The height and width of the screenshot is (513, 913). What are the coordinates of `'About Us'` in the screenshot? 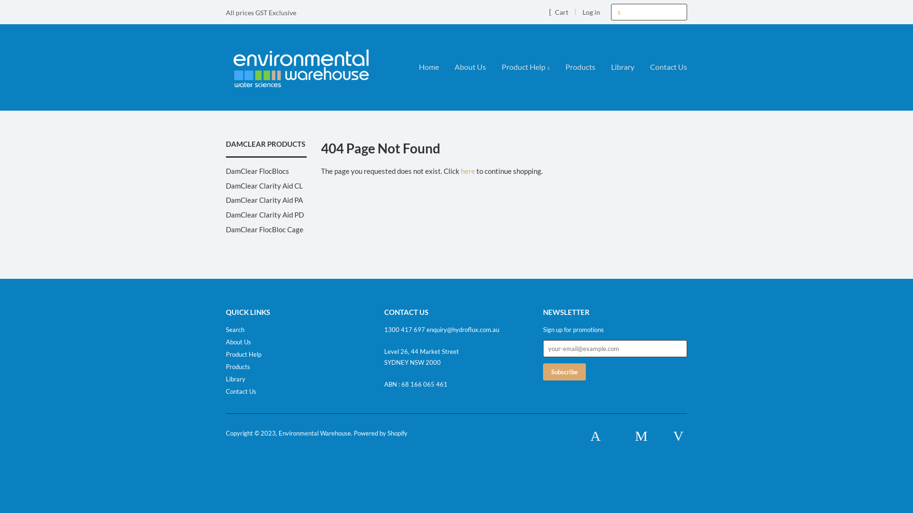 It's located at (238, 342).